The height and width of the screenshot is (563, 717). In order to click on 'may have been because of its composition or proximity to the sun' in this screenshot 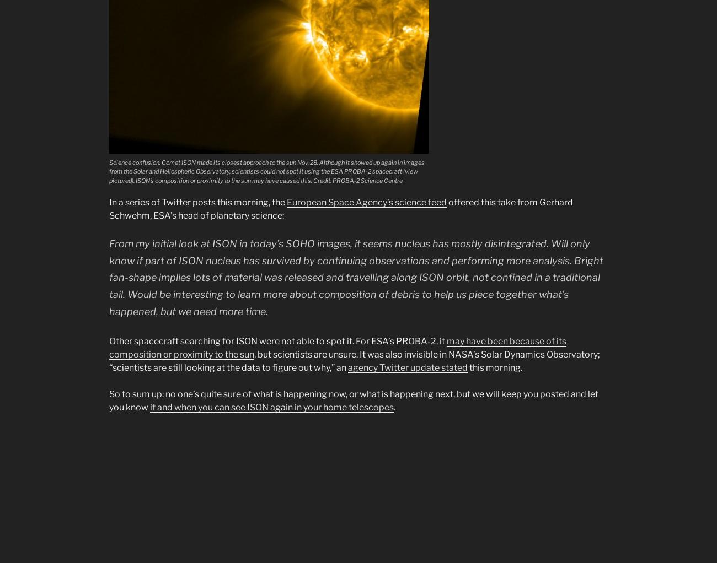, I will do `click(338, 348)`.